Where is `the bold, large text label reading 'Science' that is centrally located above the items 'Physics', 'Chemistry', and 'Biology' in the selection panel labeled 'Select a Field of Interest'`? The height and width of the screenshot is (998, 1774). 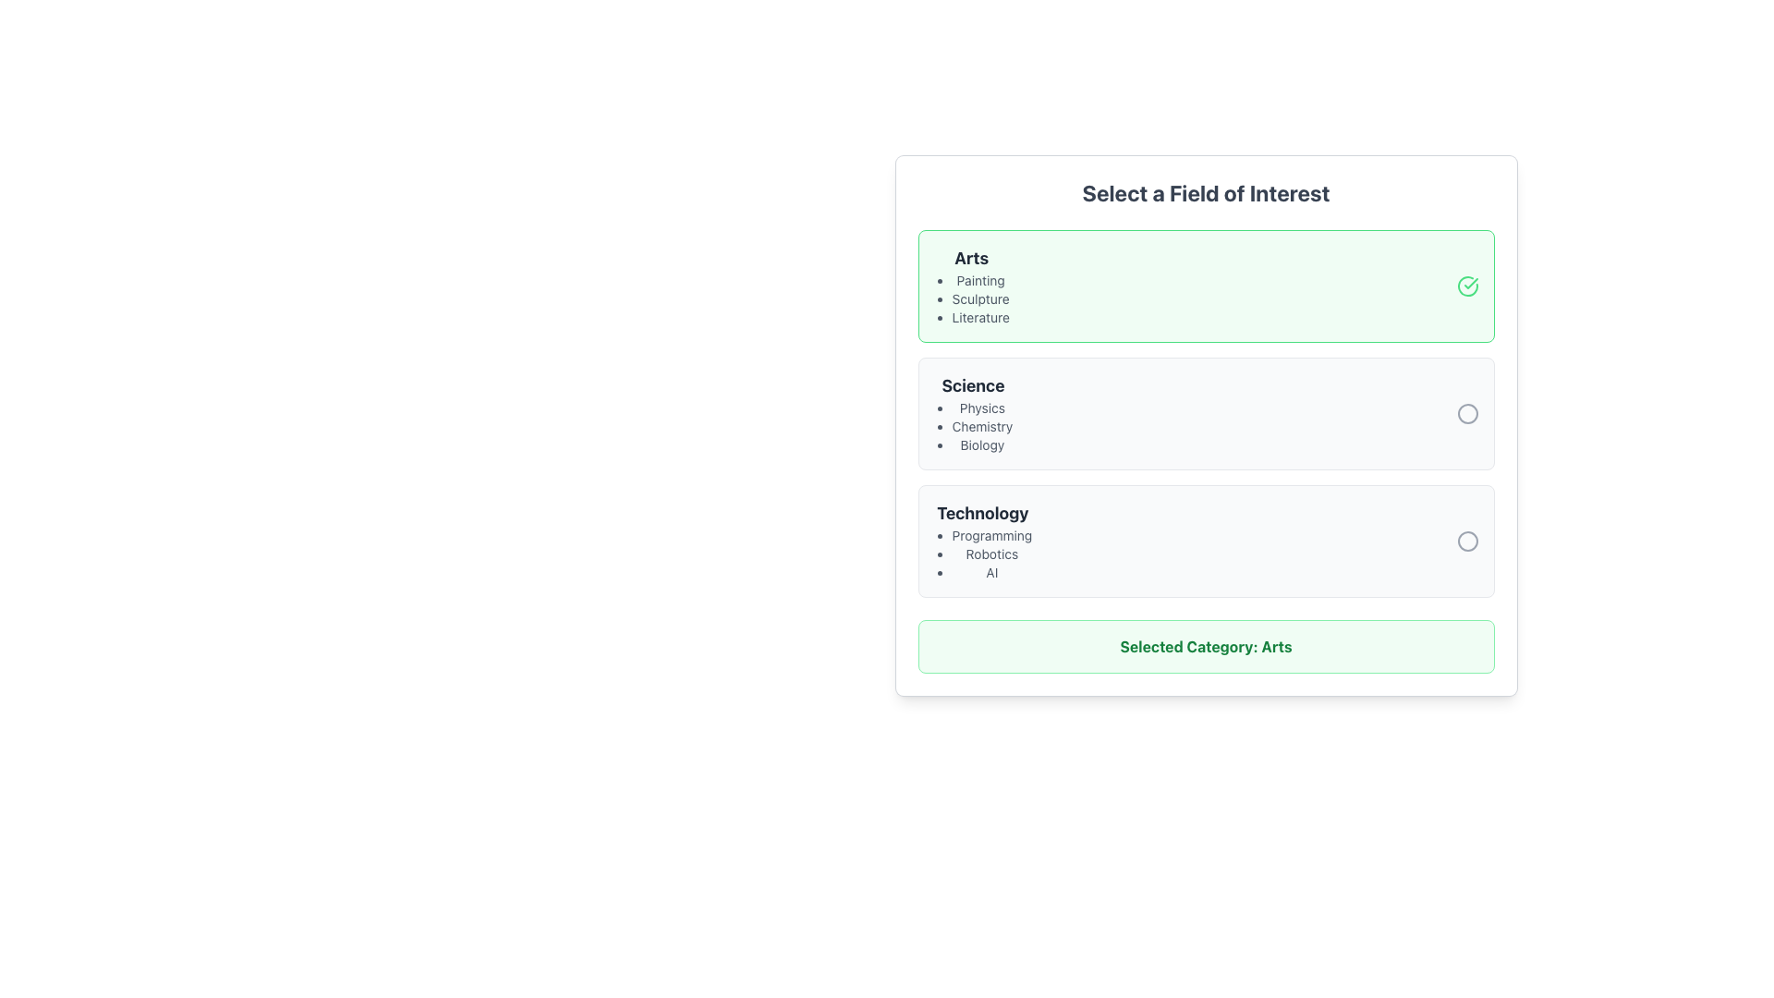
the bold, large text label reading 'Science' that is centrally located above the items 'Physics', 'Chemistry', and 'Biology' in the selection panel labeled 'Select a Field of Interest' is located at coordinates (972, 384).